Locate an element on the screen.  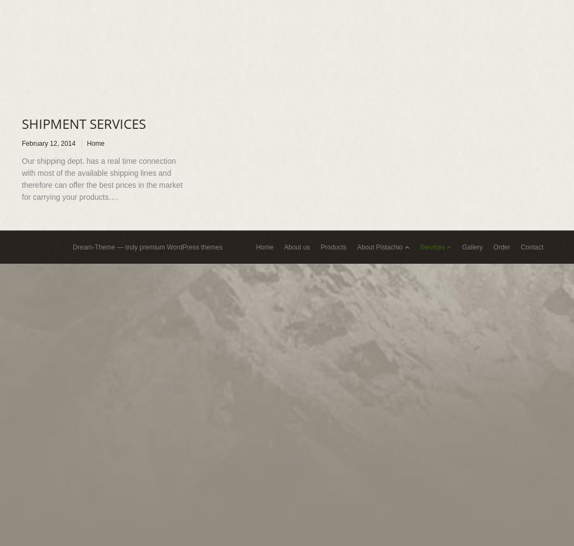
'About Pistachio' is located at coordinates (379, 247).